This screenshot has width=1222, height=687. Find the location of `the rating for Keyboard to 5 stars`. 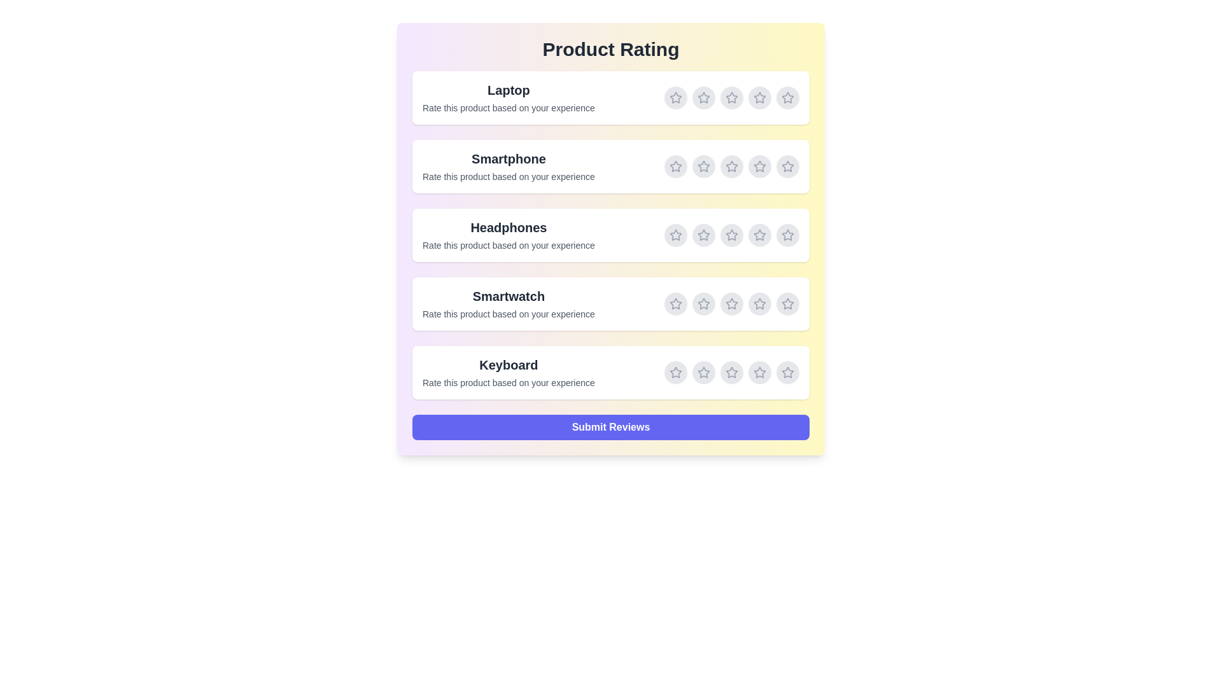

the rating for Keyboard to 5 stars is located at coordinates (787, 372).